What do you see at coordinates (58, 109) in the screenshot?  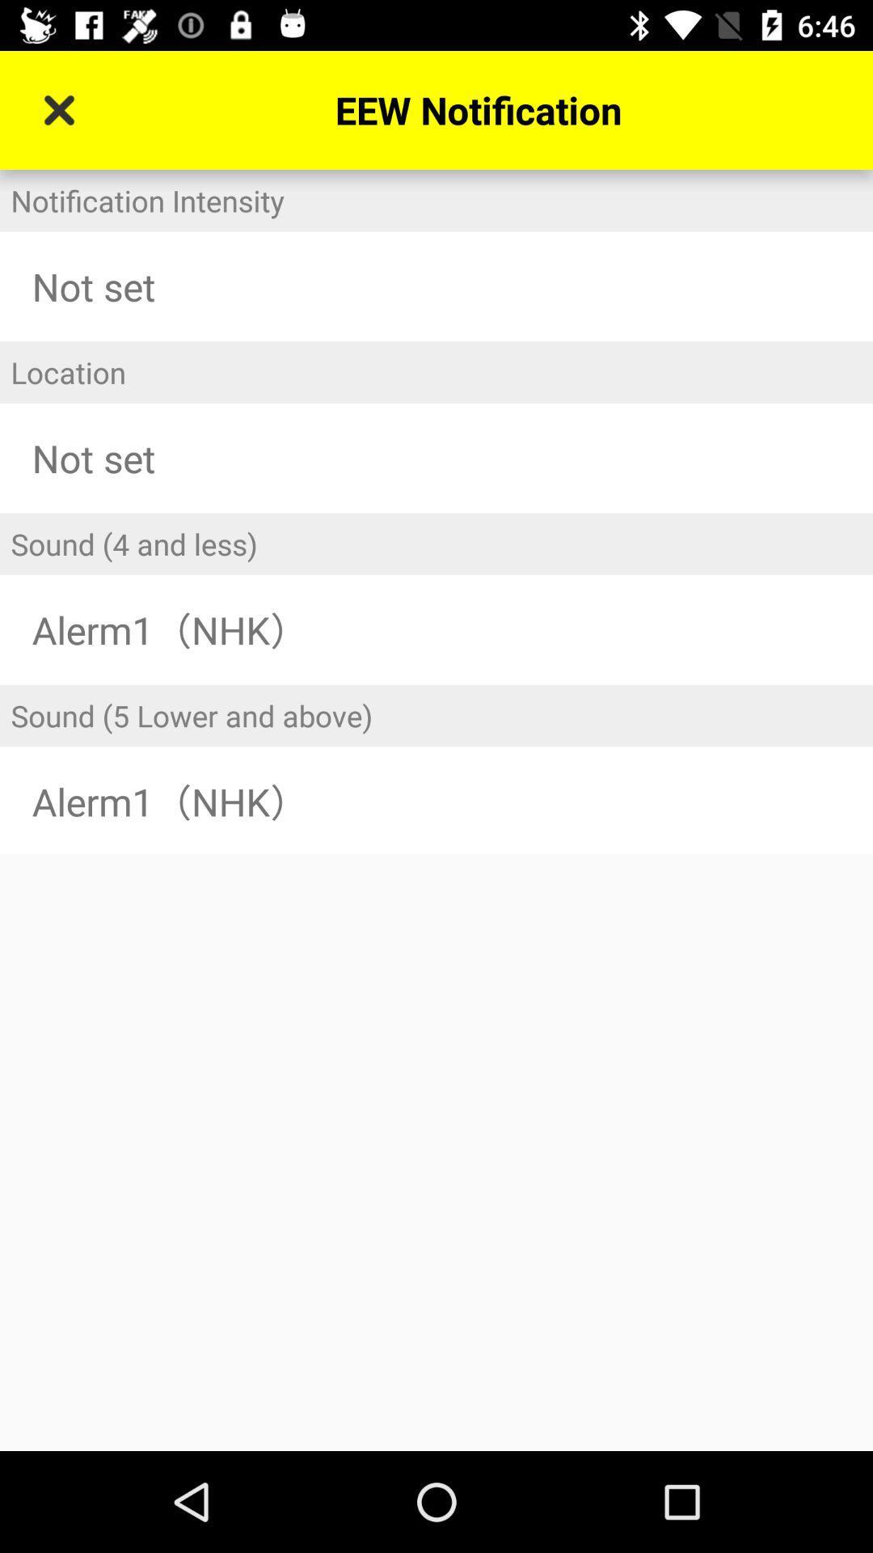 I see `the icon at the top left corner` at bounding box center [58, 109].